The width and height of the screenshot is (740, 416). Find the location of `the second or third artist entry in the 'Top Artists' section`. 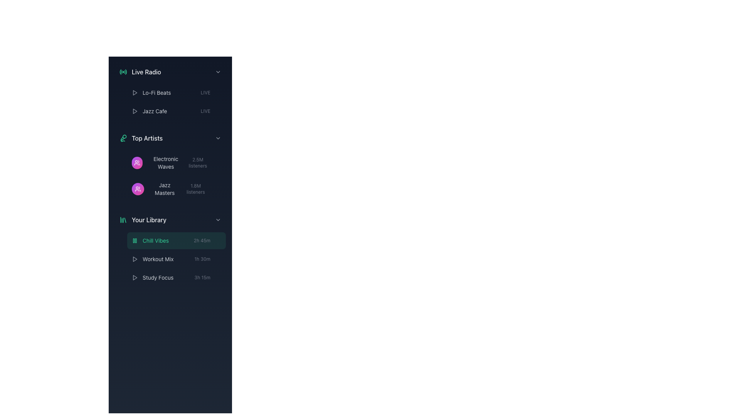

the second or third artist entry in the 'Top Artists' section is located at coordinates (170, 176).